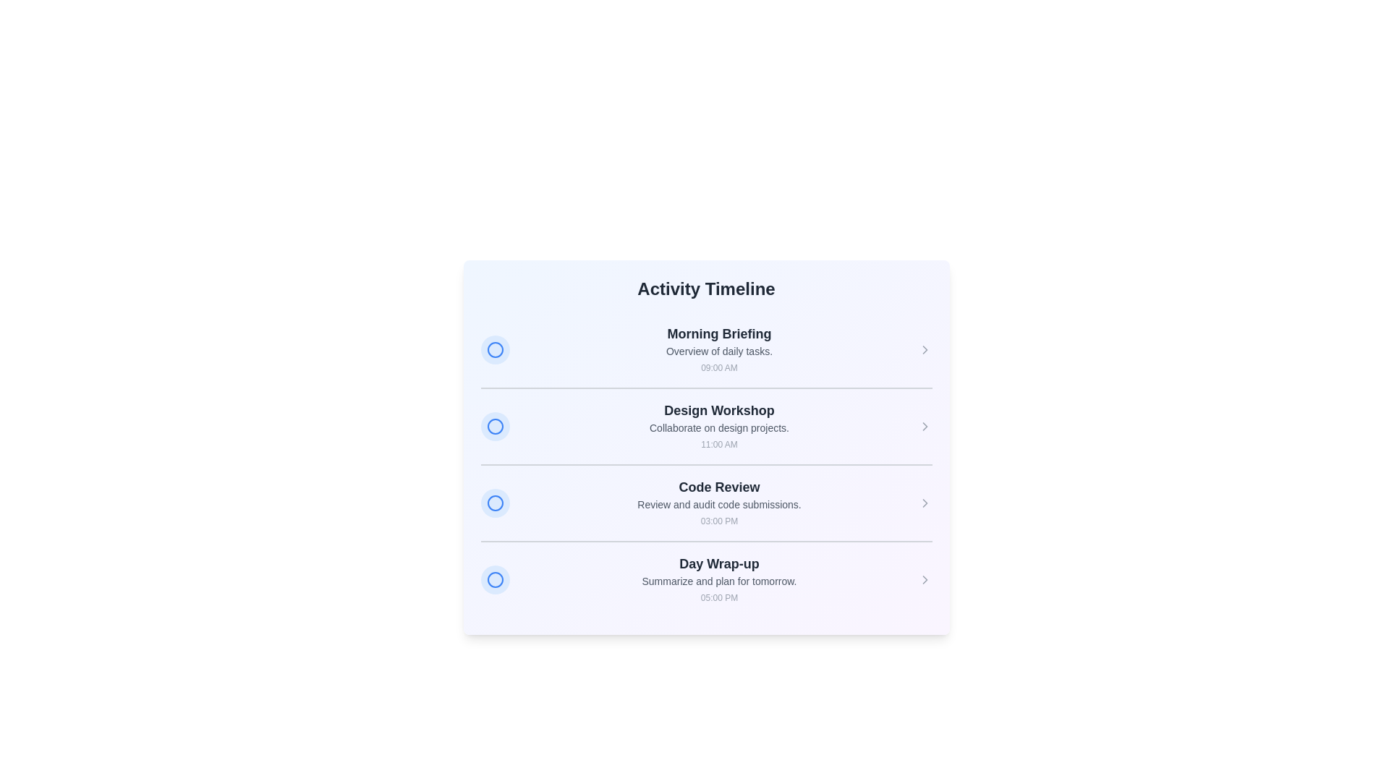 This screenshot has height=781, width=1389. I want to click on the icon associated with the 'Day Wrap-up' timeline entry, which is located at the far left of the row containing the text 'Day Wrap-up', 'Summarize and plan for tomorrow.', and '05:00 PM', so click(495, 579).